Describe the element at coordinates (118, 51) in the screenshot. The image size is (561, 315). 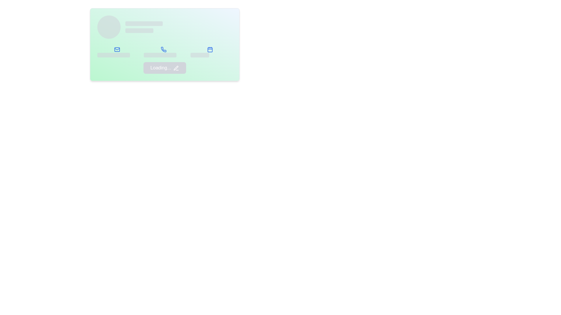
I see `the icon representing messaging or email functionality, located` at that location.